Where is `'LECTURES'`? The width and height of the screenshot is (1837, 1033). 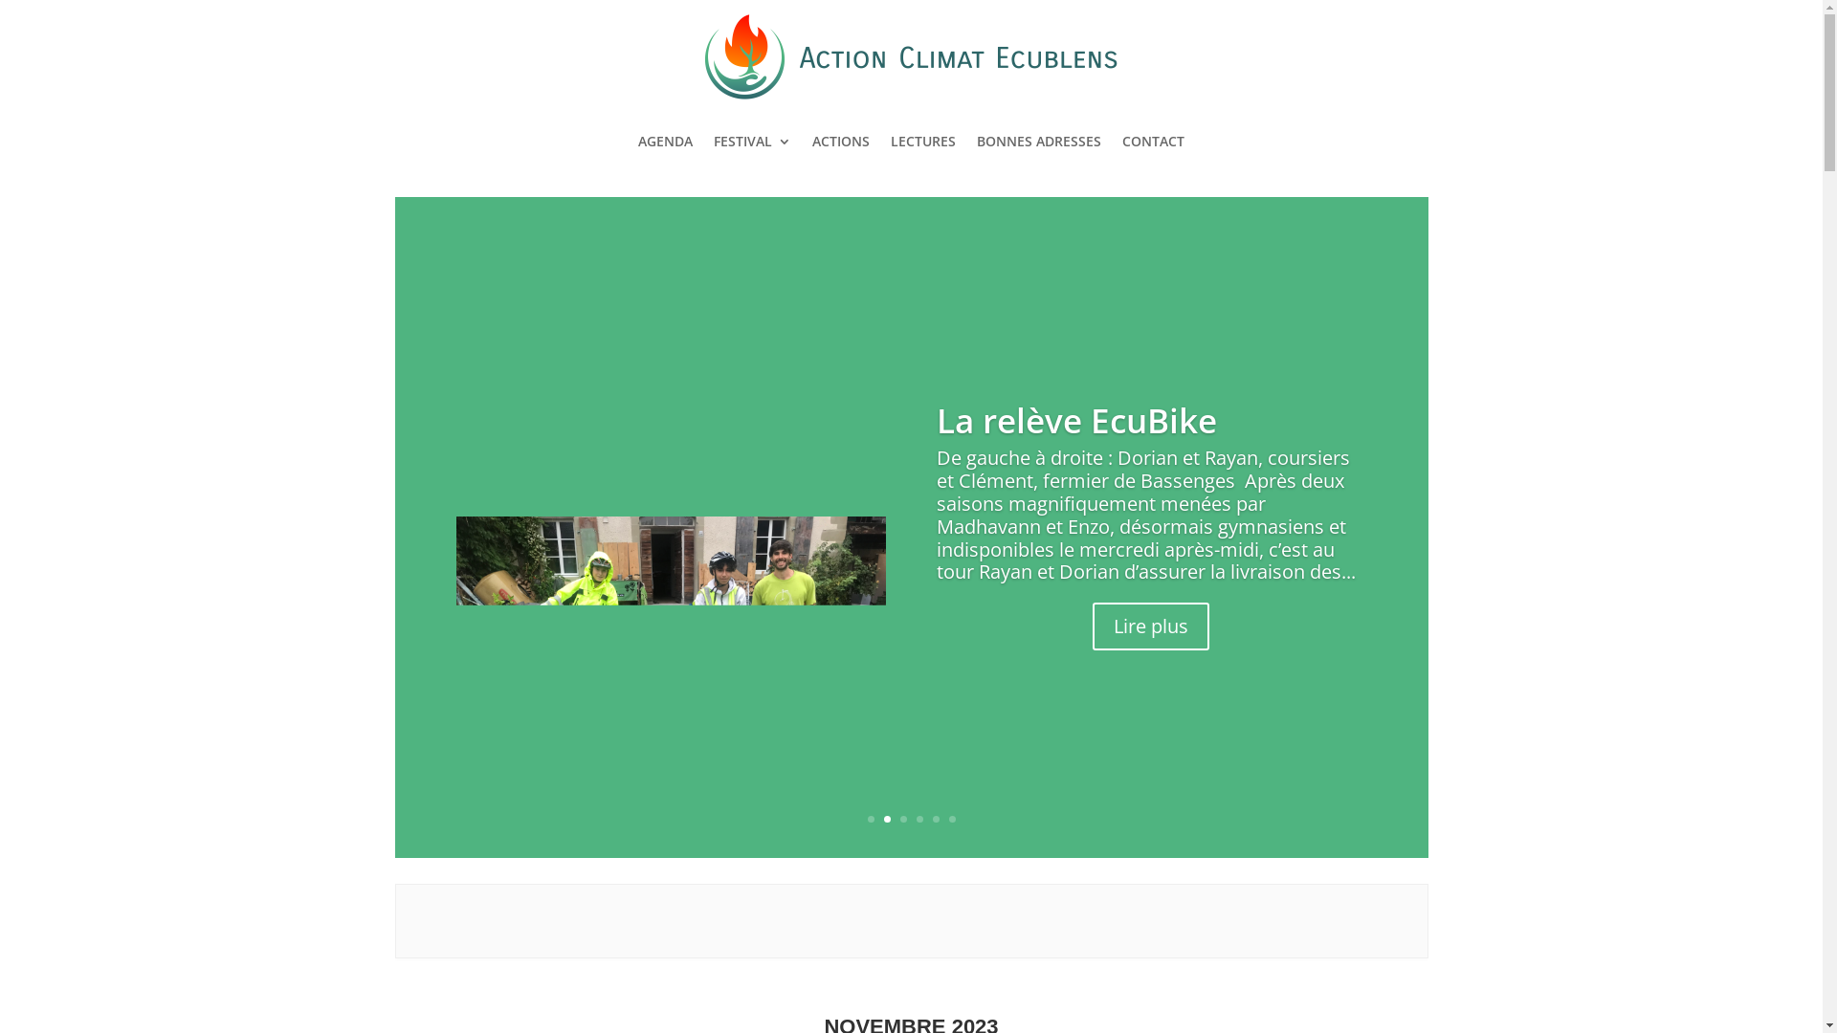
'LECTURES' is located at coordinates (922, 140).